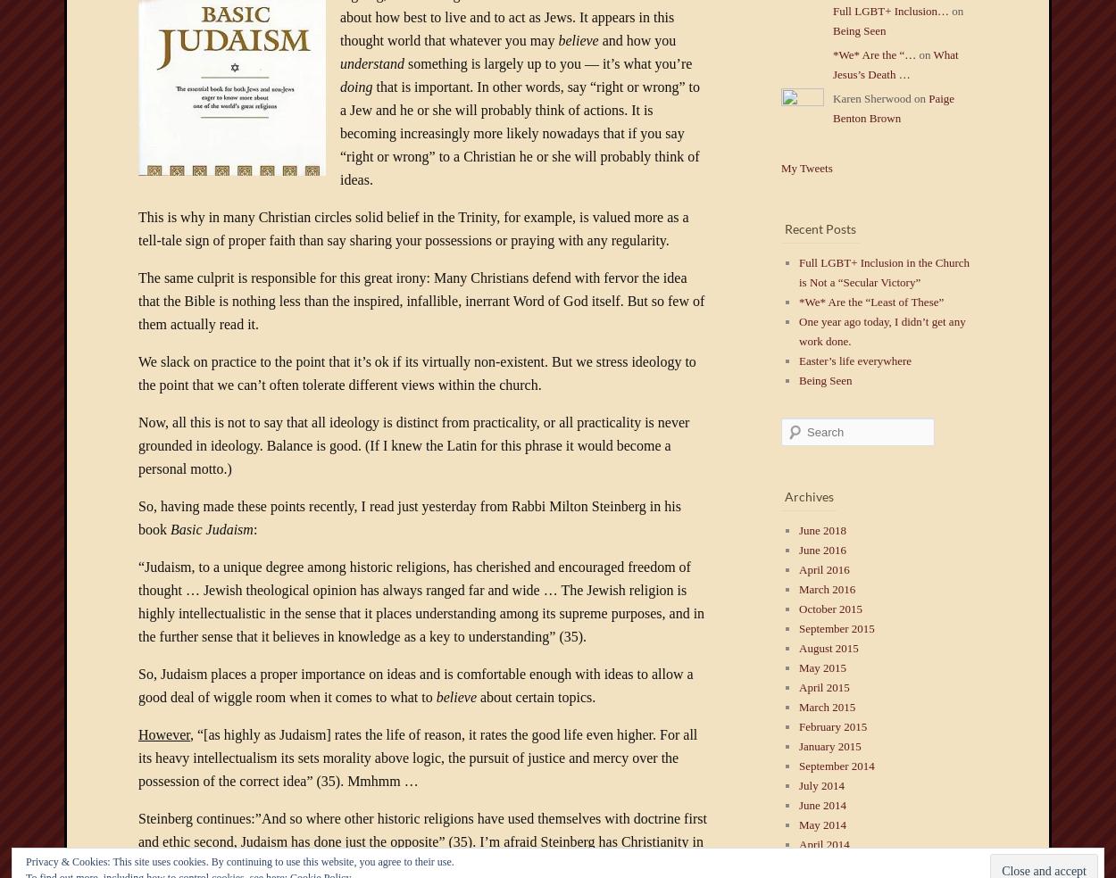 This screenshot has height=878, width=1116. I want to click on 'doing', so click(340, 86).